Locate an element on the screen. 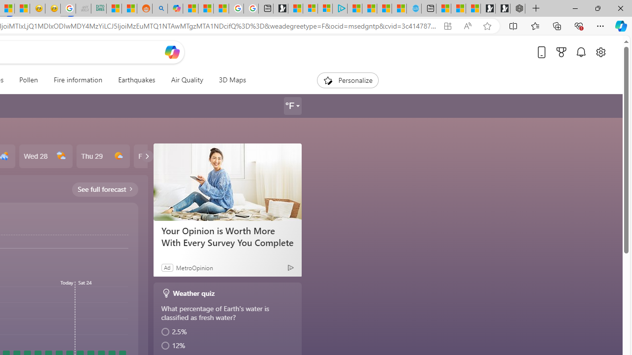 The image size is (632, 355). 'DITOGAMES AG Imprint' is located at coordinates (99, 8).